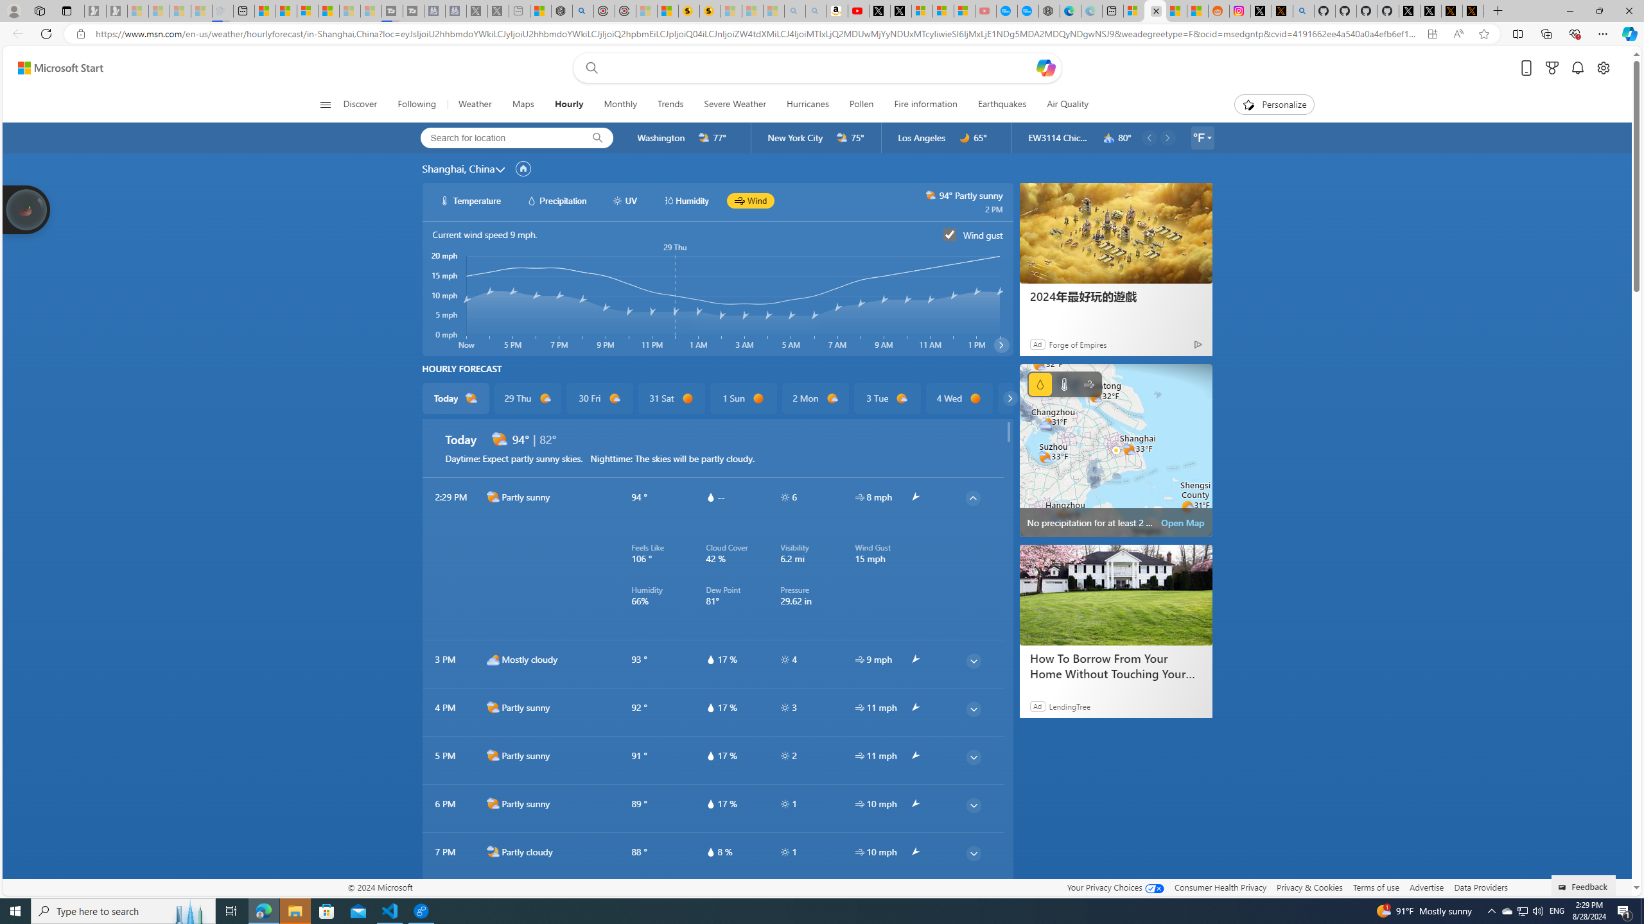 The image size is (1644, 924). Describe the element at coordinates (785, 851) in the screenshot. I see `'hourlyTable/uv'` at that location.